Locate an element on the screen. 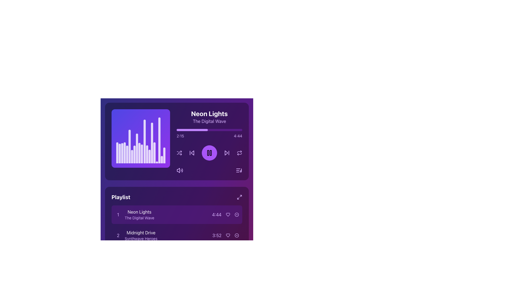 The height and width of the screenshot is (295, 525). the fourth button in the row of buttons in the center of the music player interface is located at coordinates (239, 153).